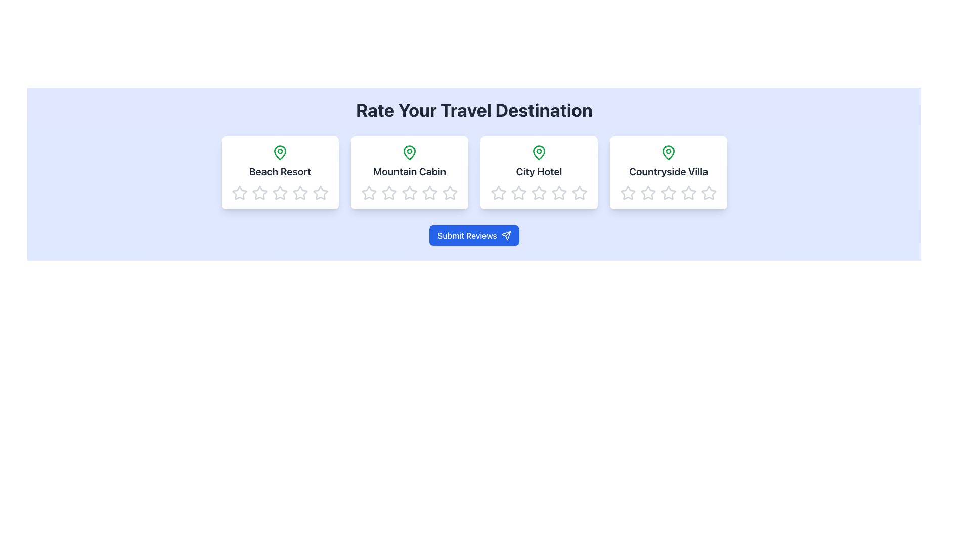  I want to click on the second rating star icon in the rating row of the 'Mountain Cabin' card, so click(410, 193).